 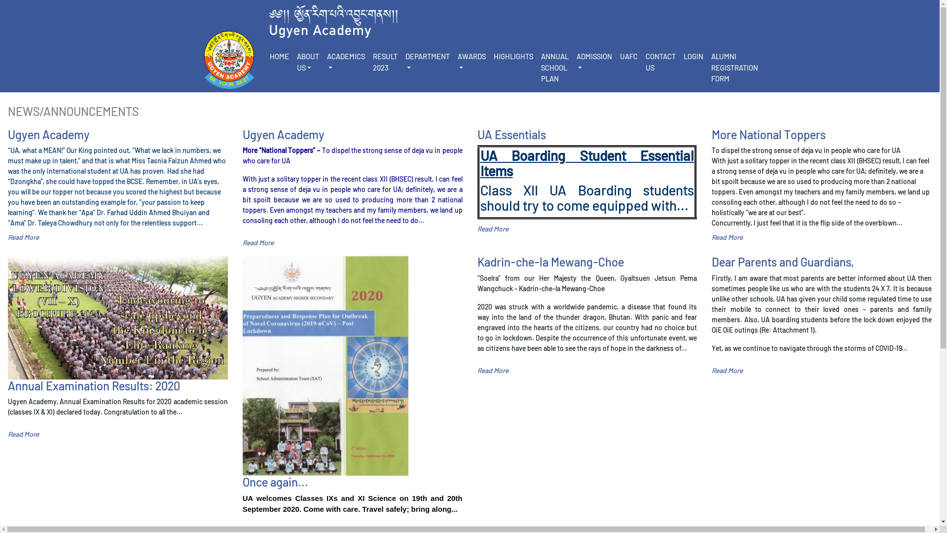 What do you see at coordinates (513, 56) in the screenshot?
I see `'HIGHLIGHTS'` at bounding box center [513, 56].